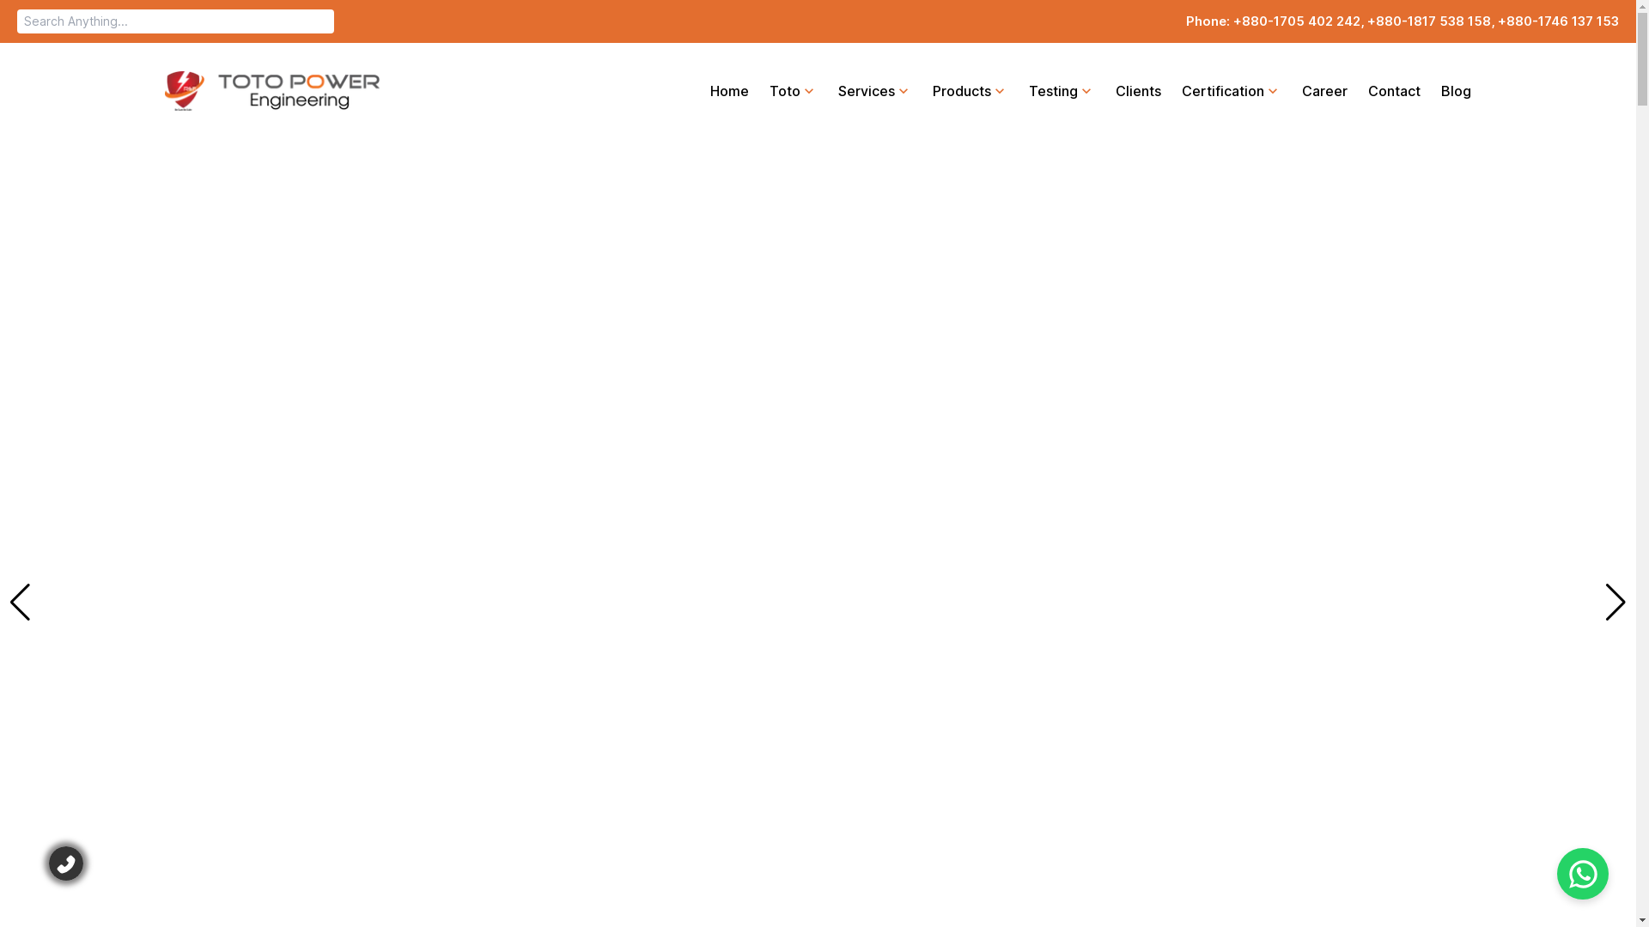  What do you see at coordinates (1177, 90) in the screenshot?
I see `'Certification'` at bounding box center [1177, 90].